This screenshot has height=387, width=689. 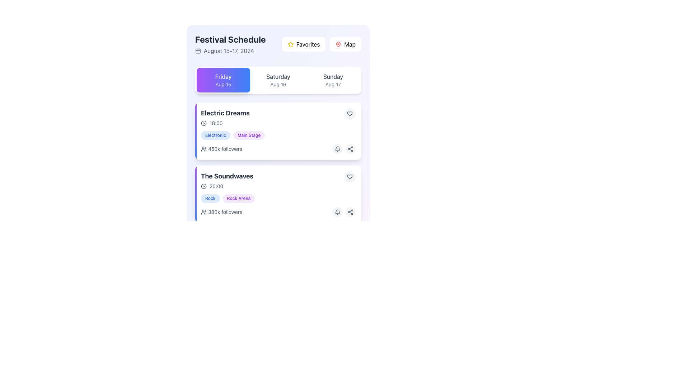 I want to click on the text element displaying 'Aug 17' inside the 'Sunday' button, so click(x=333, y=84).